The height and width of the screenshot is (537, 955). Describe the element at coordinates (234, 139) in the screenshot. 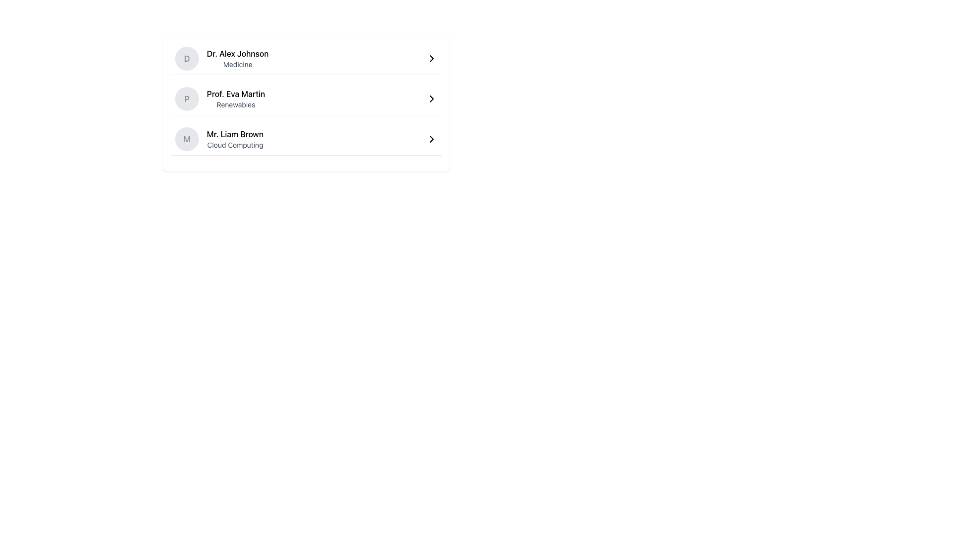

I see `text from the third item in the vertically stacked list, which presents an individual's name and professional field, located below 'Prof. Eva Martin - Renewables'` at that location.